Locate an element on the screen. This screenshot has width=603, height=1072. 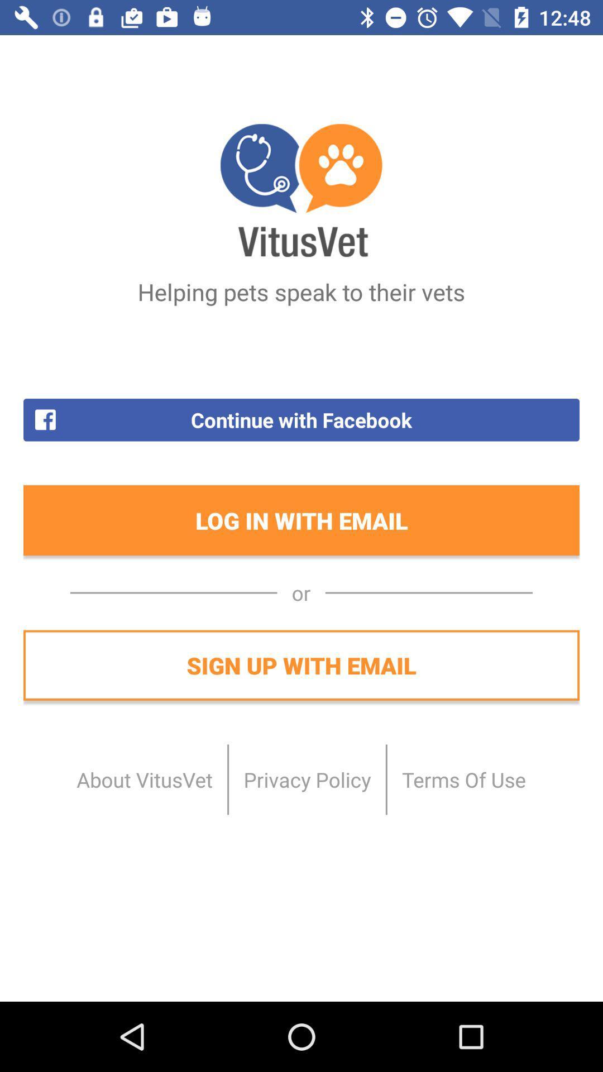
the item at the bottom right corner is located at coordinates (463, 779).